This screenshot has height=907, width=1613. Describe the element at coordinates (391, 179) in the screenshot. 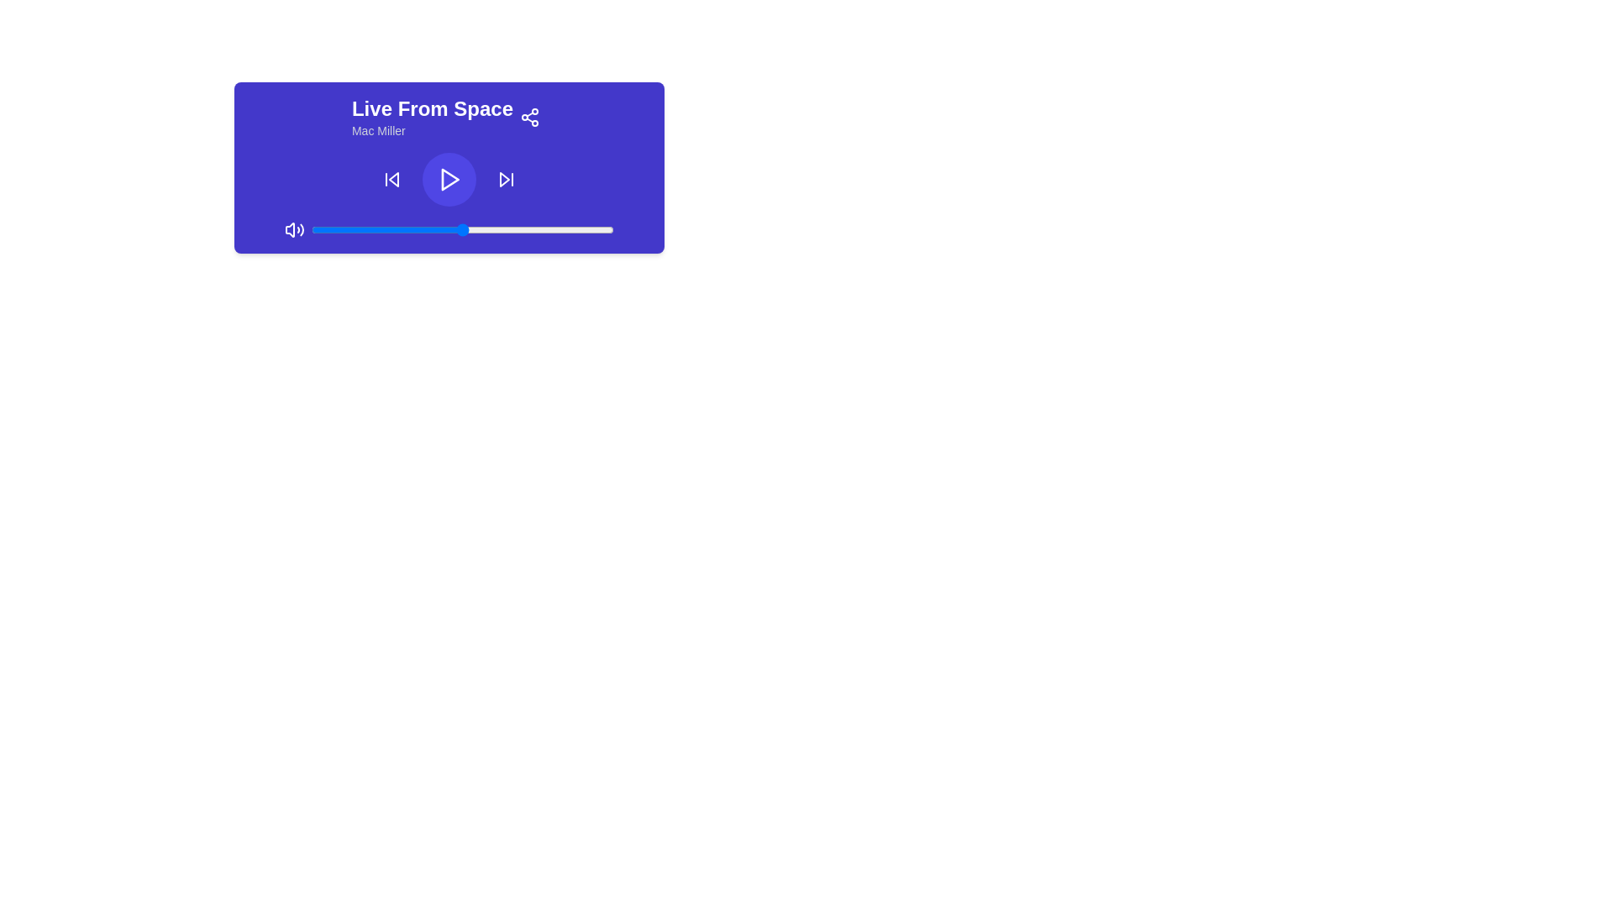

I see `the 'previous track' icon button, which is a small white triangular button with a vertical line on its left side, located on the leftmost side of the player control buttons` at that location.